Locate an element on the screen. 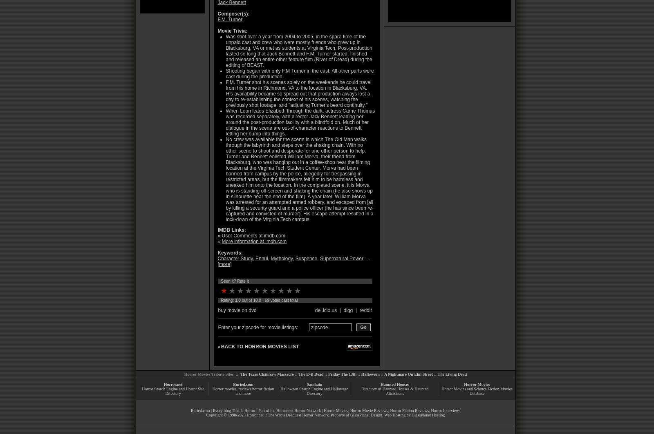 Image resolution: width=654 pixels, height=434 pixels. 'Supernatural Power' is located at coordinates (341, 259).